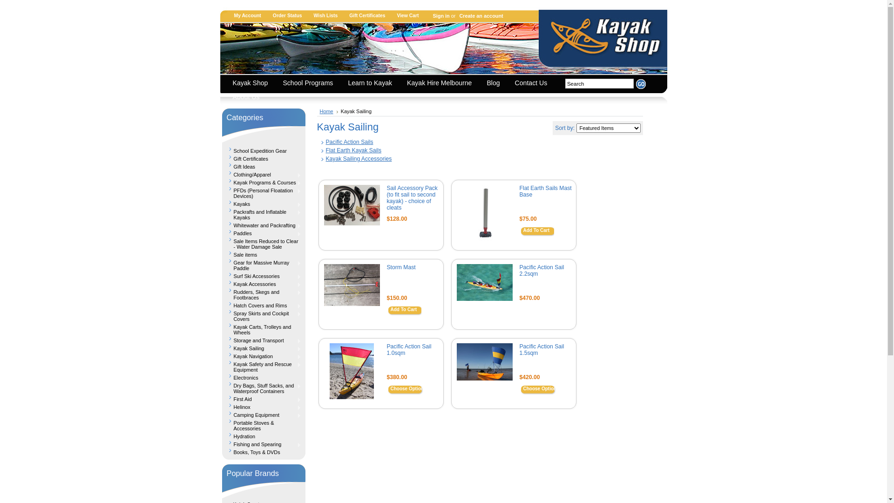  I want to click on 'Gift Certificates', so click(370, 15).